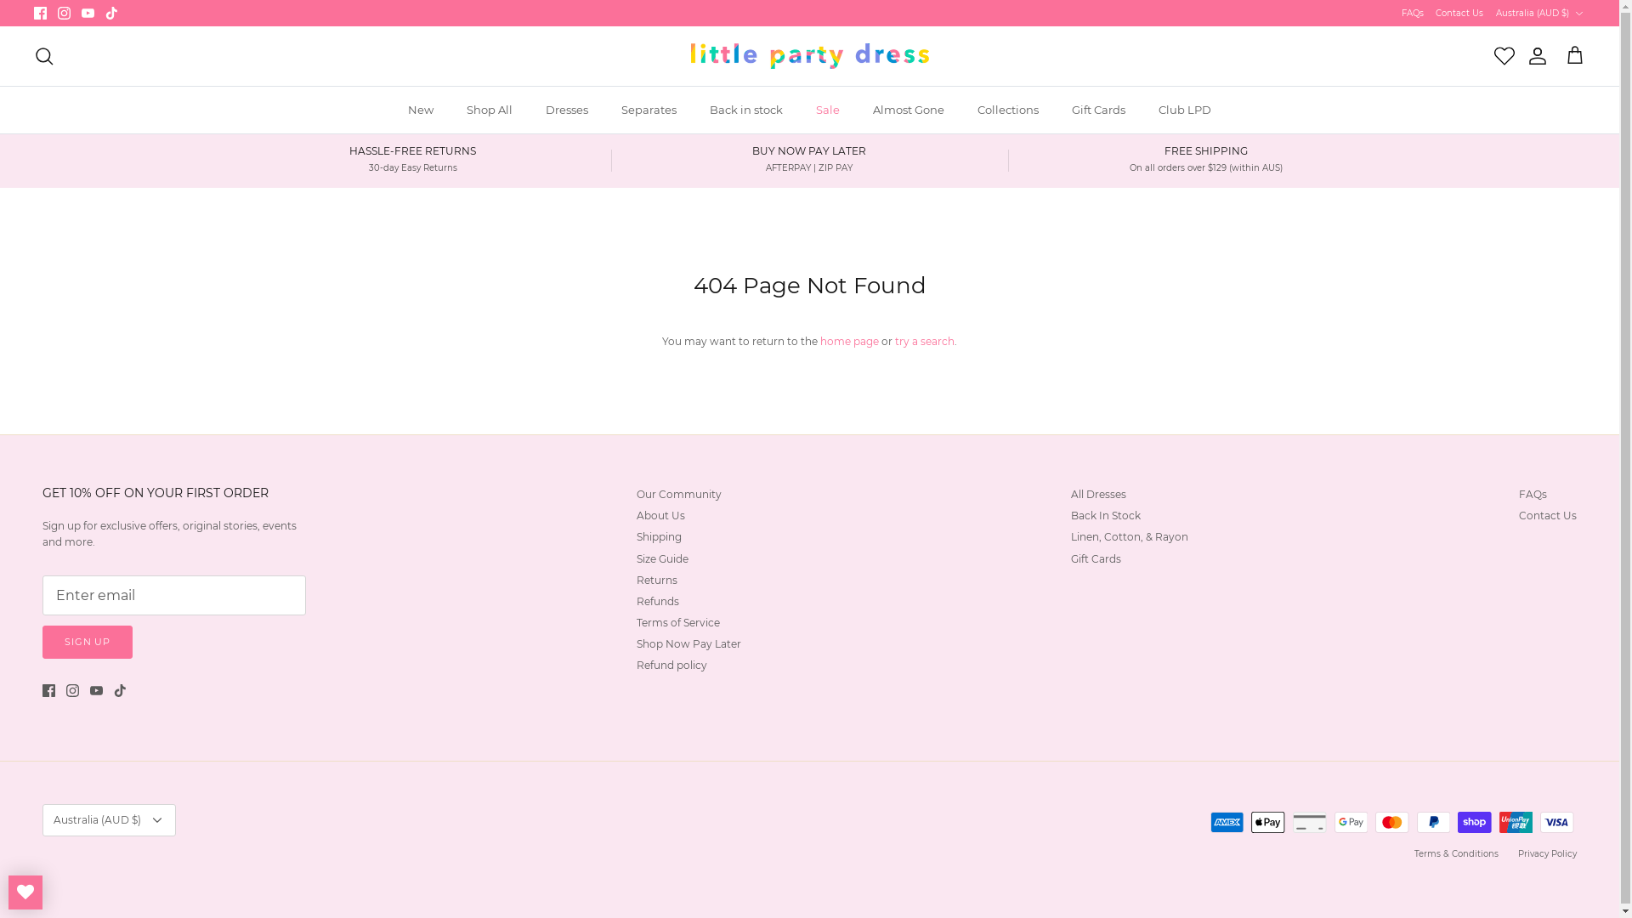 The height and width of the screenshot is (918, 1632). What do you see at coordinates (671, 664) in the screenshot?
I see `'Refund policy'` at bounding box center [671, 664].